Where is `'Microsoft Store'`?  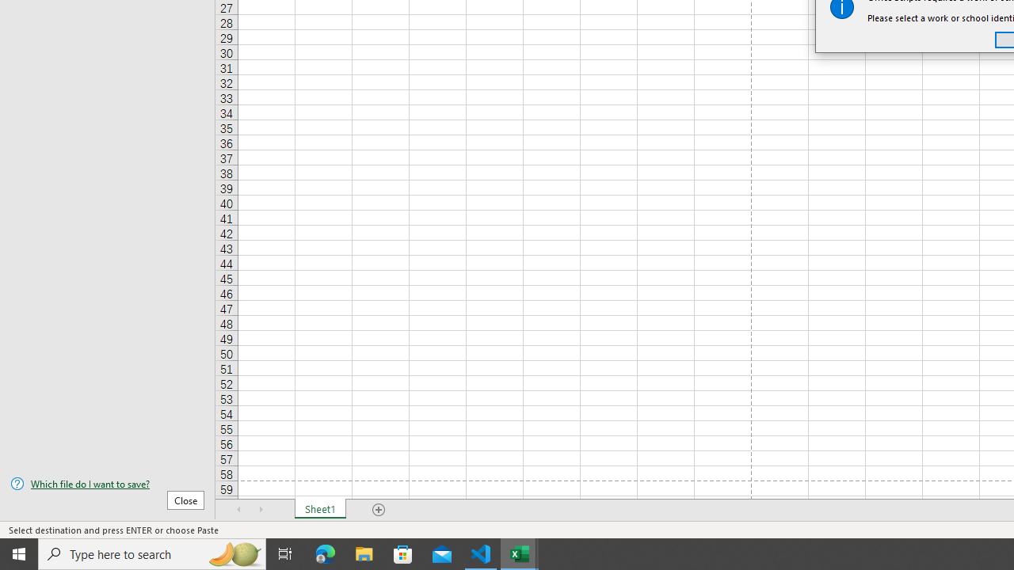 'Microsoft Store' is located at coordinates (403, 553).